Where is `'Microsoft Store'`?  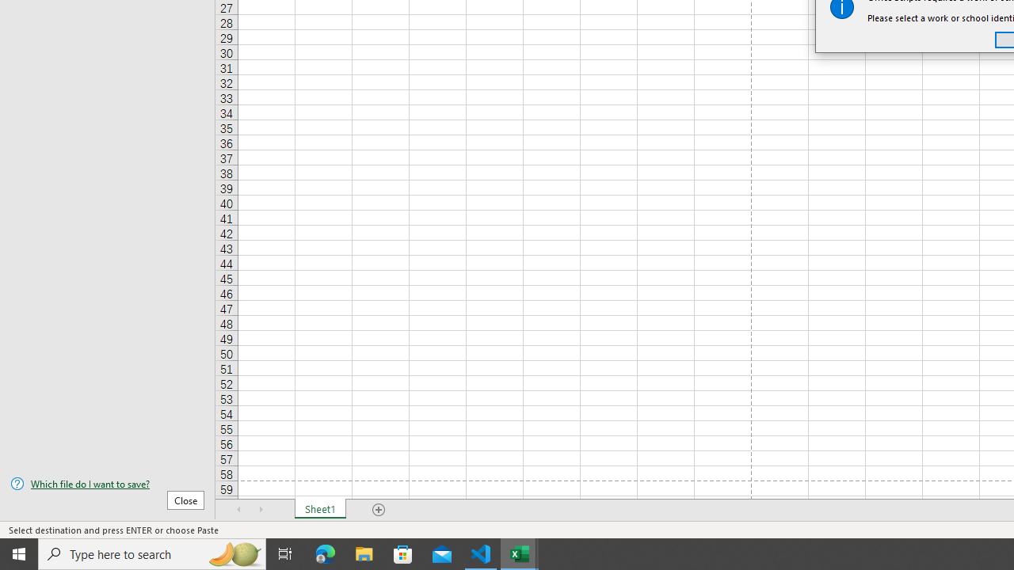 'Microsoft Store' is located at coordinates (403, 553).